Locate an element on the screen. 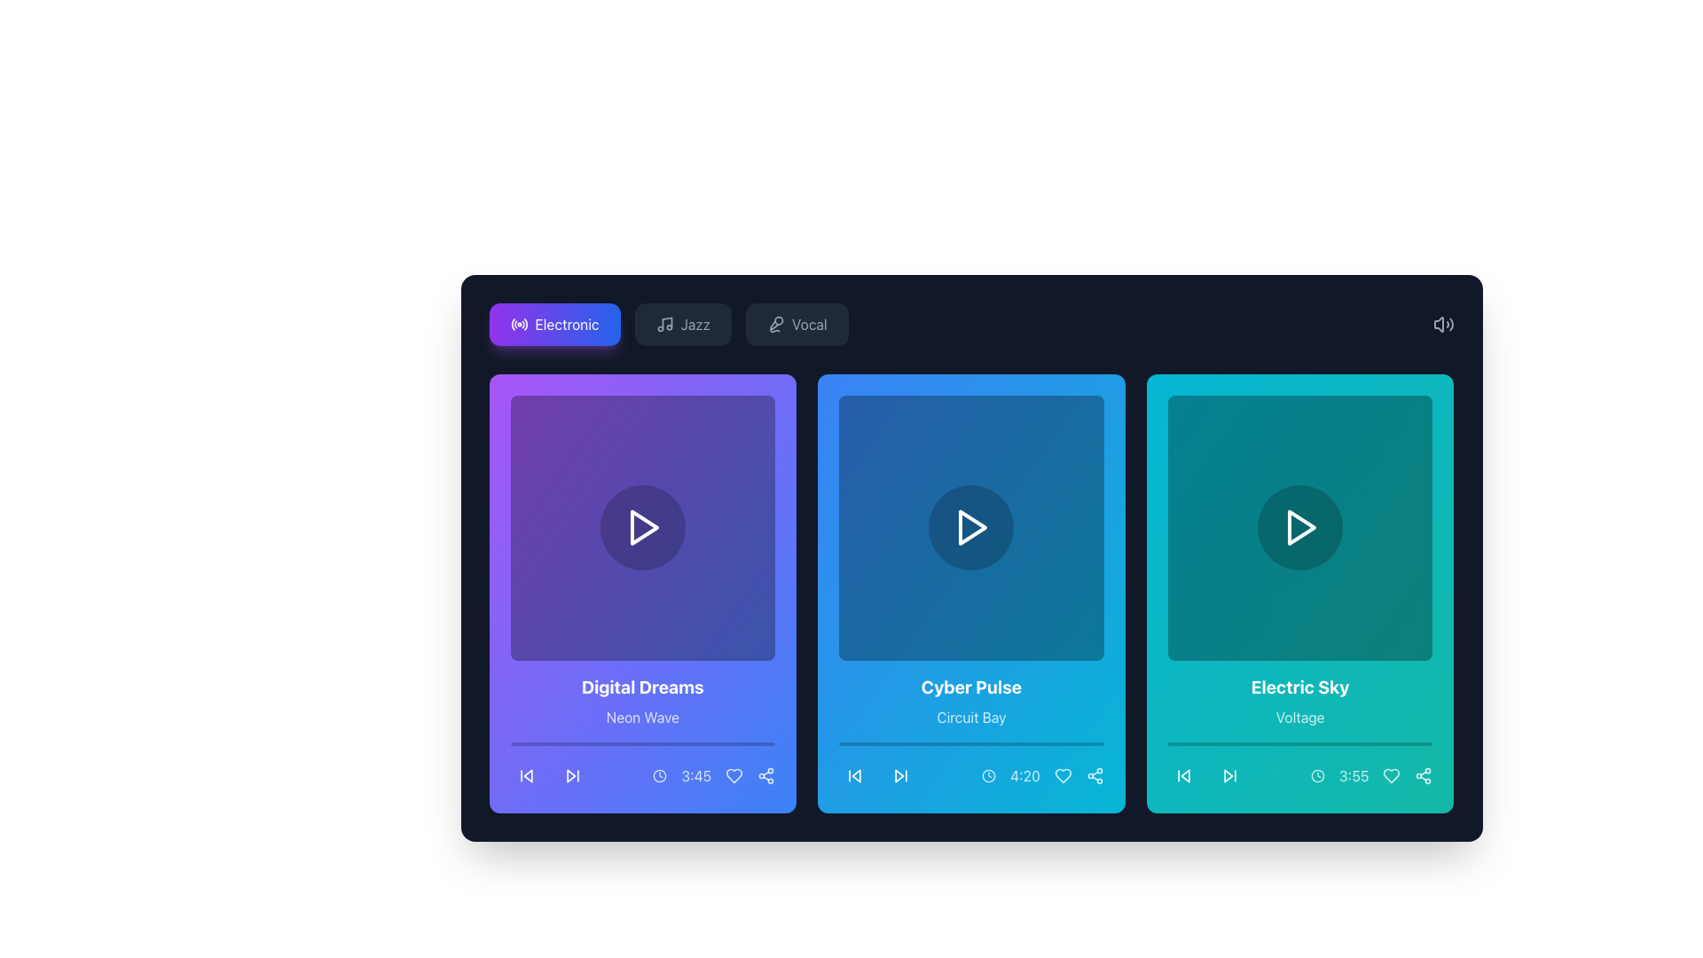 This screenshot has height=958, width=1703. the share icon button, which is styled in white with interconnected circles and lines, located in the bottom-right corner of the 'Digital Dreams' card, adjacent to the heart icon and duration text ('3:45') is located at coordinates (766, 774).